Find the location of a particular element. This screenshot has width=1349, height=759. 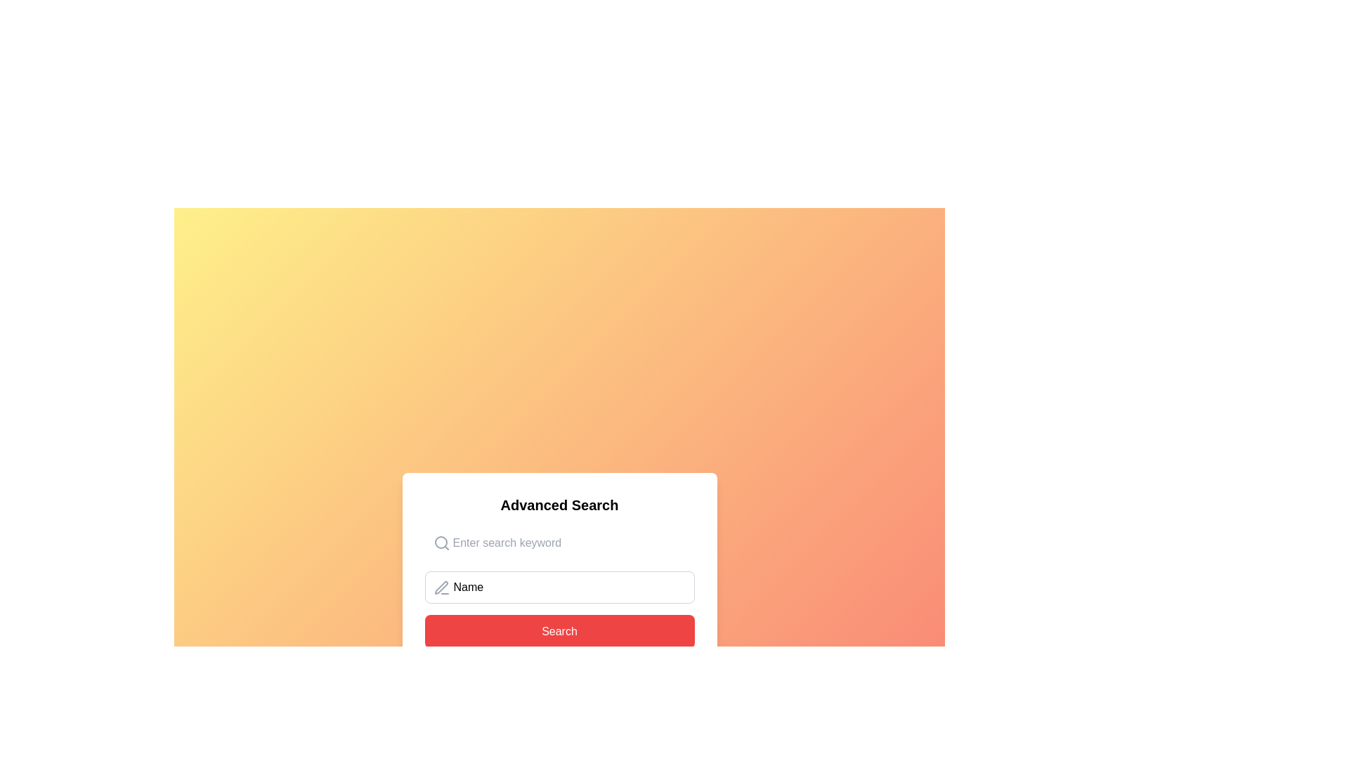

the interactive label or input field labeled 'Name' is located at coordinates (559, 588).